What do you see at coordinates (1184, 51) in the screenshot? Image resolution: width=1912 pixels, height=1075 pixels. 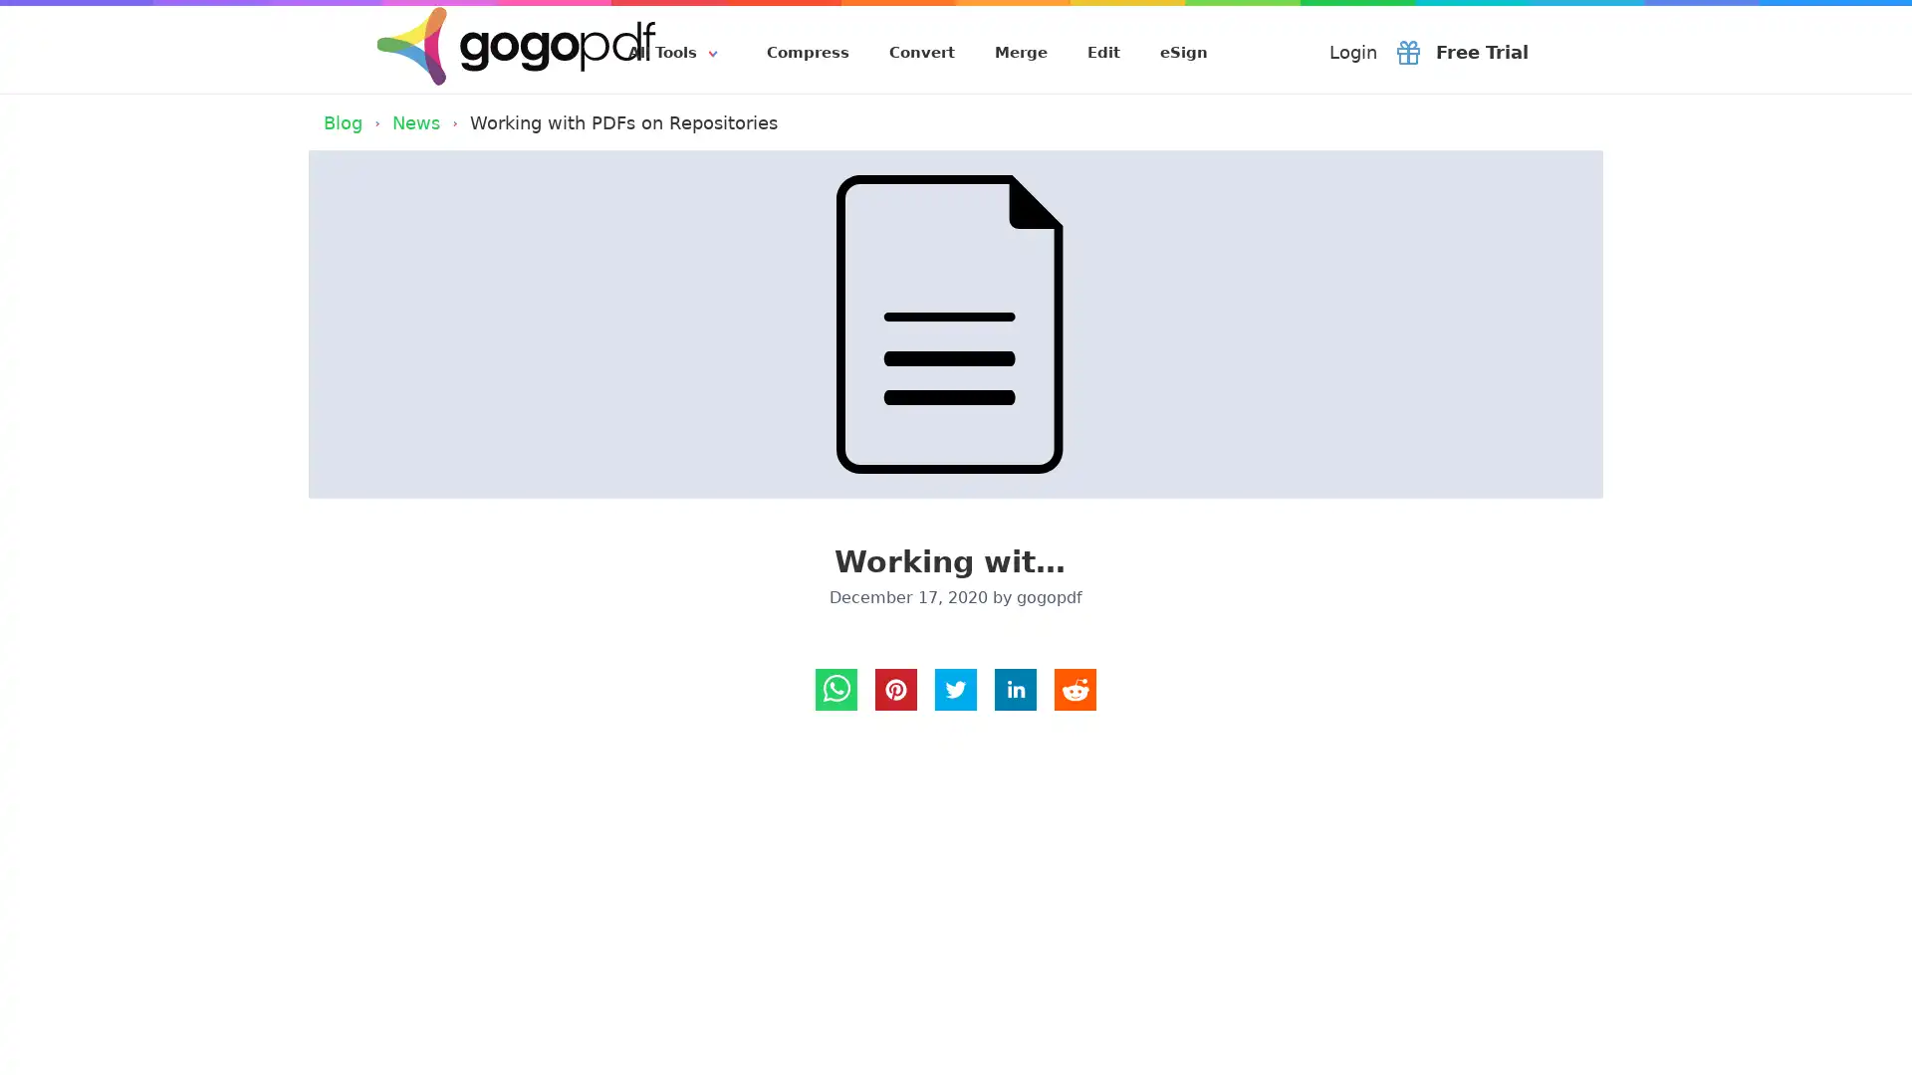 I see `eSign` at bounding box center [1184, 51].